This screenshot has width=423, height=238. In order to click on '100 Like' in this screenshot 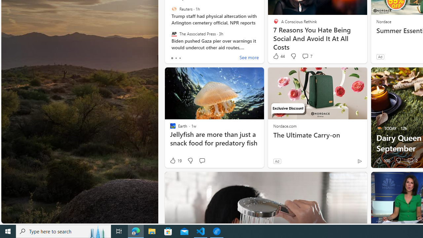, I will do `click(382, 161)`.